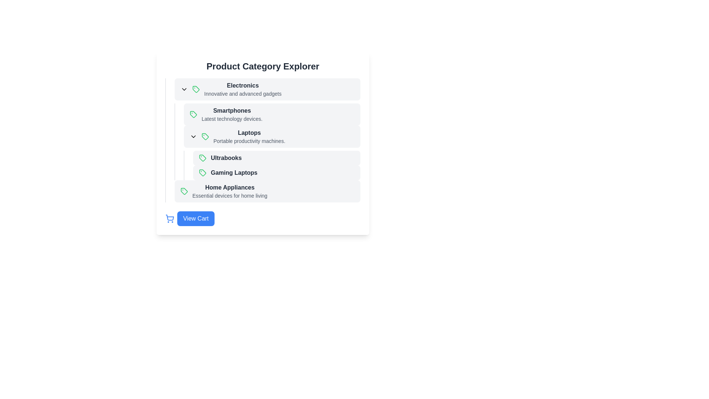 The height and width of the screenshot is (399, 709). What do you see at coordinates (202, 158) in the screenshot?
I see `the icon next to the 'Gaming Laptops' label that indicates an association or categorization element` at bounding box center [202, 158].